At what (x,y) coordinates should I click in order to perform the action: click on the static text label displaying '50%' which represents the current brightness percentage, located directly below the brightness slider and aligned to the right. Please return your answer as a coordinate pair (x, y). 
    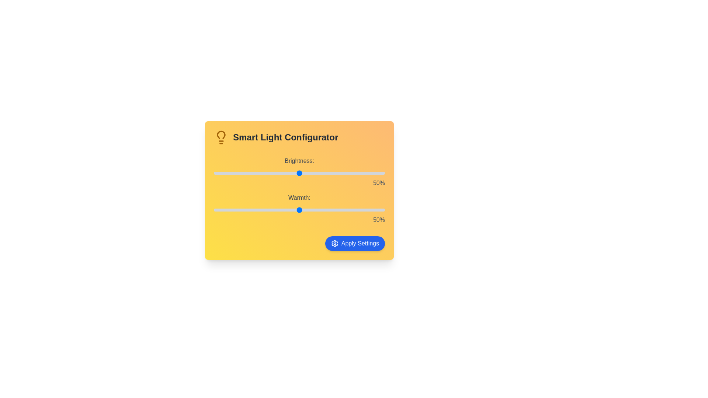
    Looking at the image, I should click on (299, 183).